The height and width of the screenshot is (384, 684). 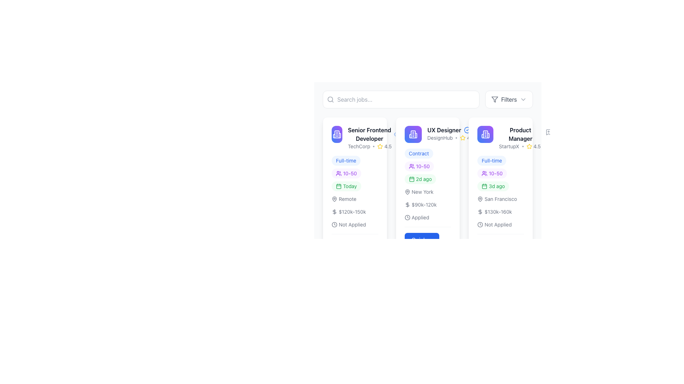 I want to click on the visual style of the outermost circular component of the badge icon that represents verification or approval, located at the top-right area of the second job card, so click(x=396, y=134).